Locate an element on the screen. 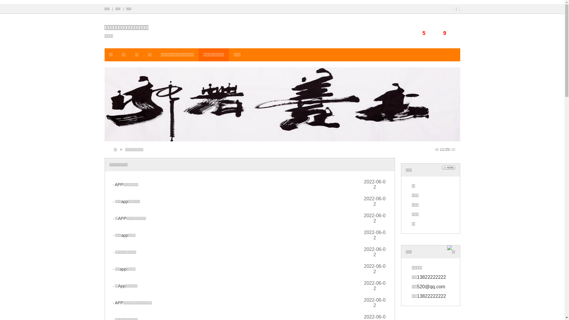  '.' is located at coordinates (459, 9).